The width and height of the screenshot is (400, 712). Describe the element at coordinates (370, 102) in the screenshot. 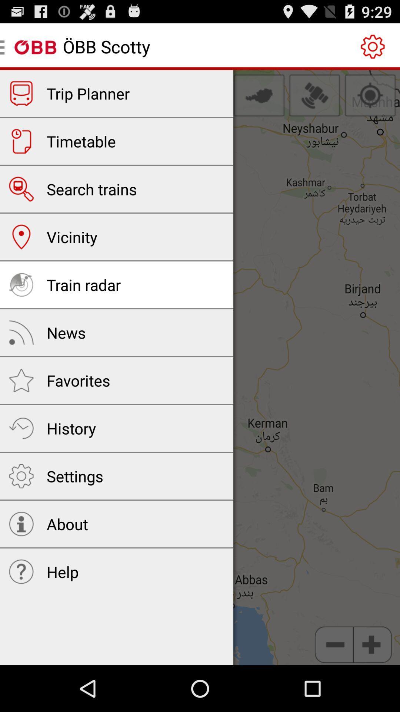

I see `the location_crosshair icon` at that location.